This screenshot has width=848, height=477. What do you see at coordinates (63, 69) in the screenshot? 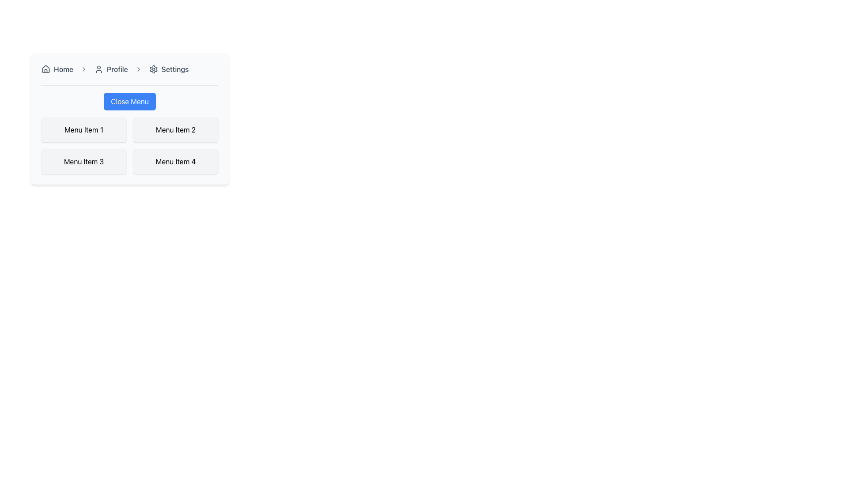
I see `the 'Home' text label, which is styled in dark gray and located in the navigation bar adjacent to a house icon` at bounding box center [63, 69].